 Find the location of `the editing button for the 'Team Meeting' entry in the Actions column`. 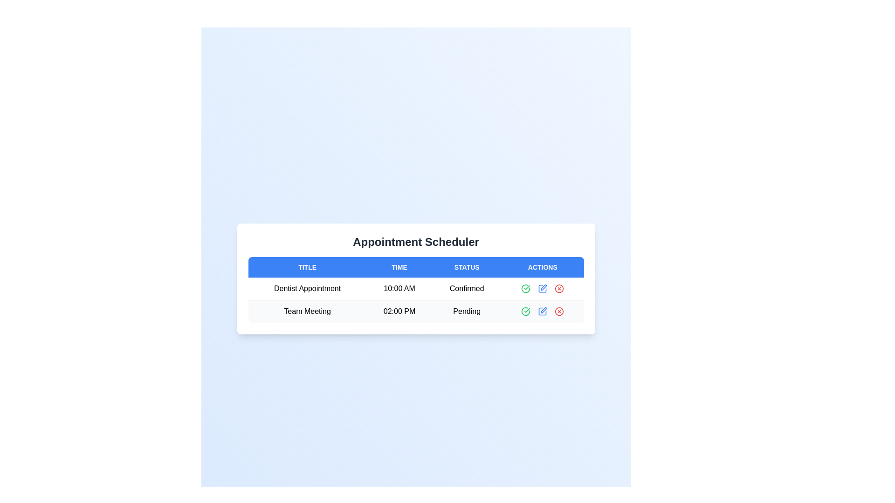

the editing button for the 'Team Meeting' entry in the Actions column is located at coordinates (543, 311).